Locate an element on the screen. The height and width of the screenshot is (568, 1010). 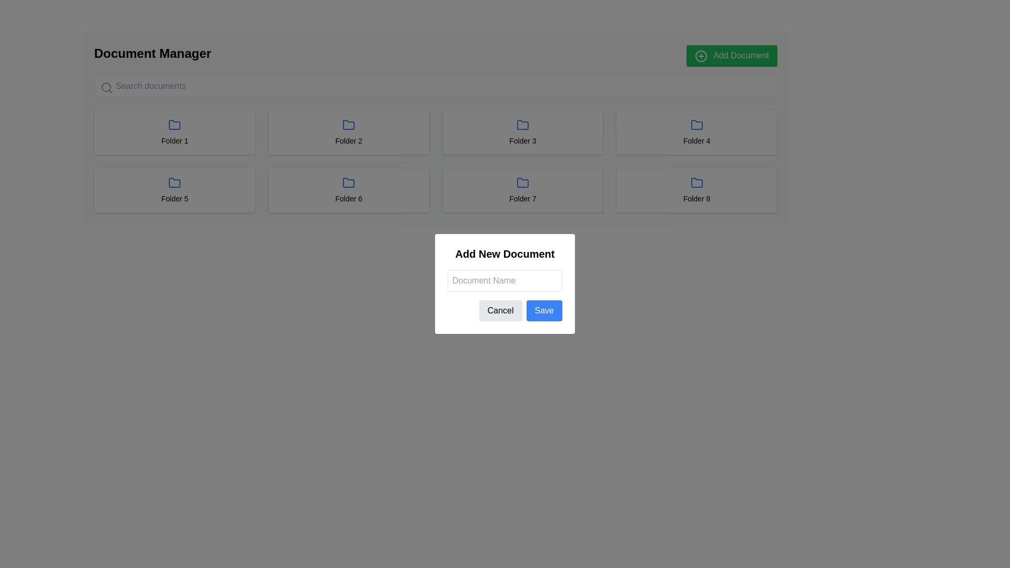
the folder icon representing 'Folder 4' is located at coordinates (696, 124).